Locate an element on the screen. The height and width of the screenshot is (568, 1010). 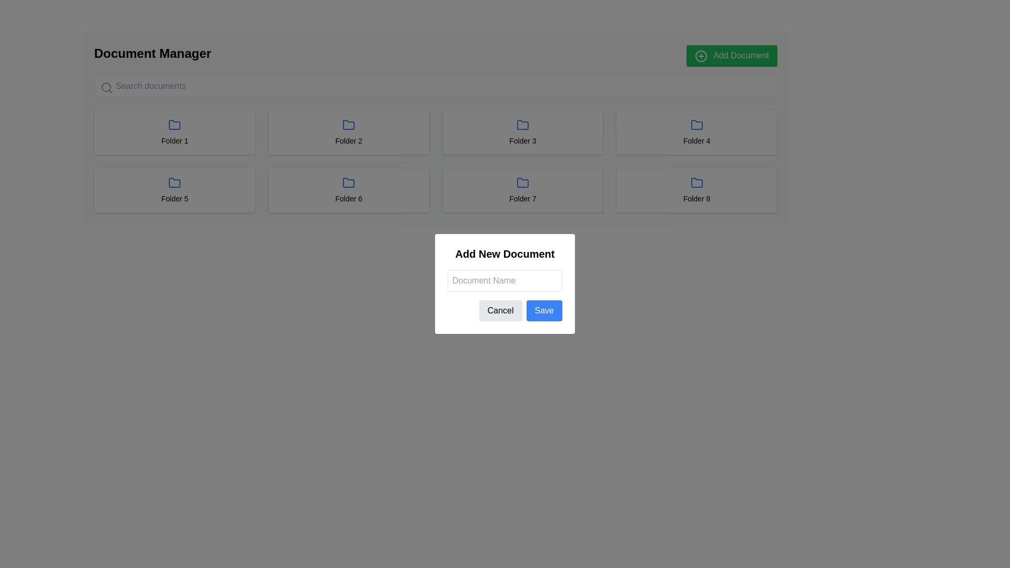
the folder icon representing 'Folder 4' is located at coordinates (696, 124).